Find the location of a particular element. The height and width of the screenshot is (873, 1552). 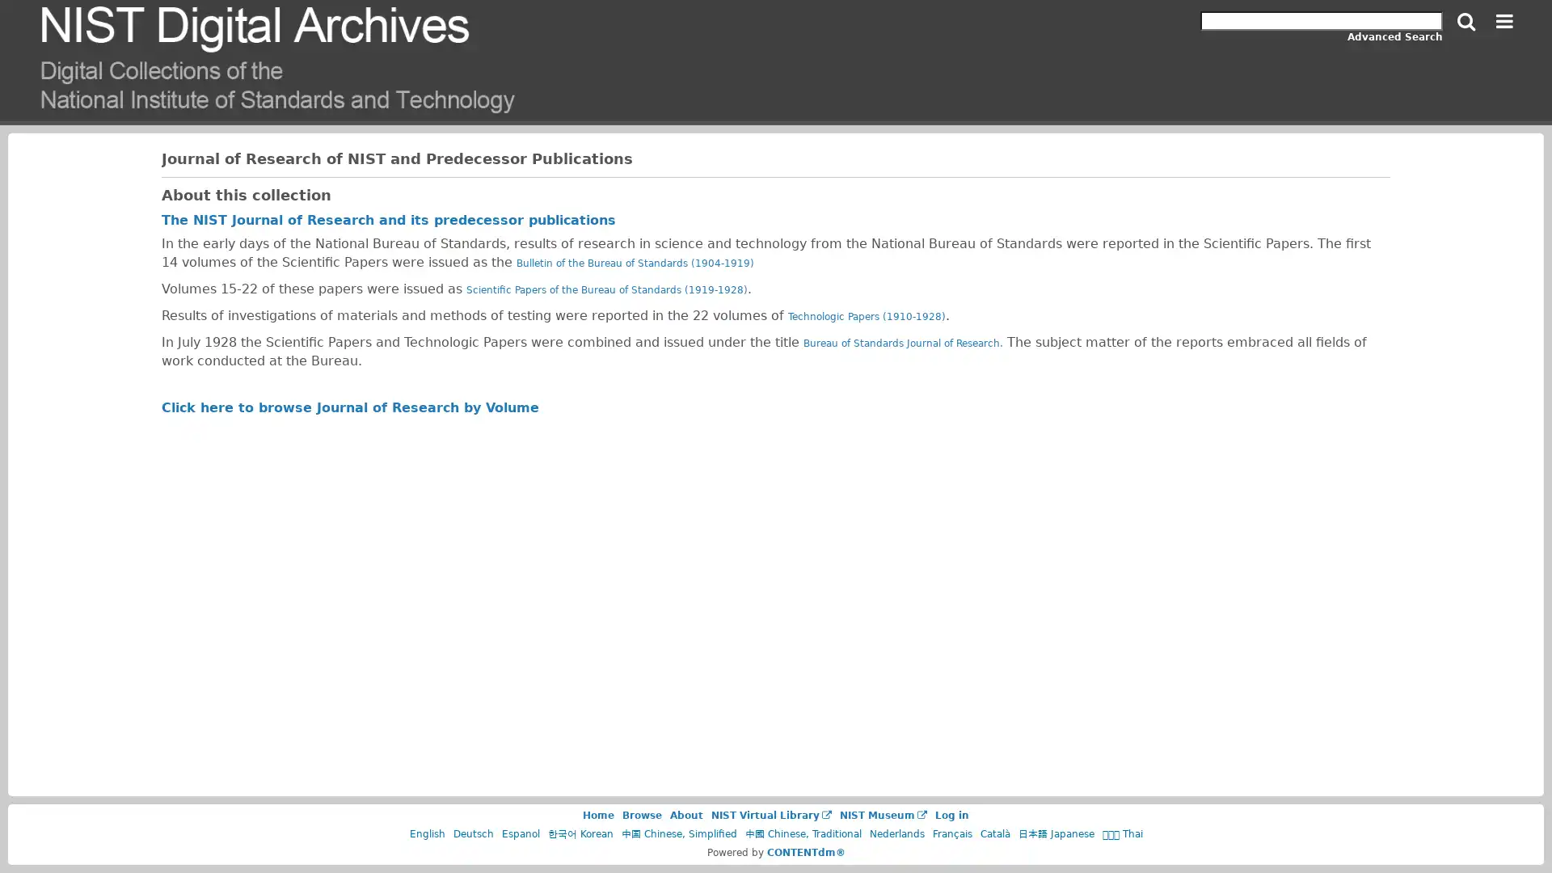

Chinese, Traditional is located at coordinates (803, 834).